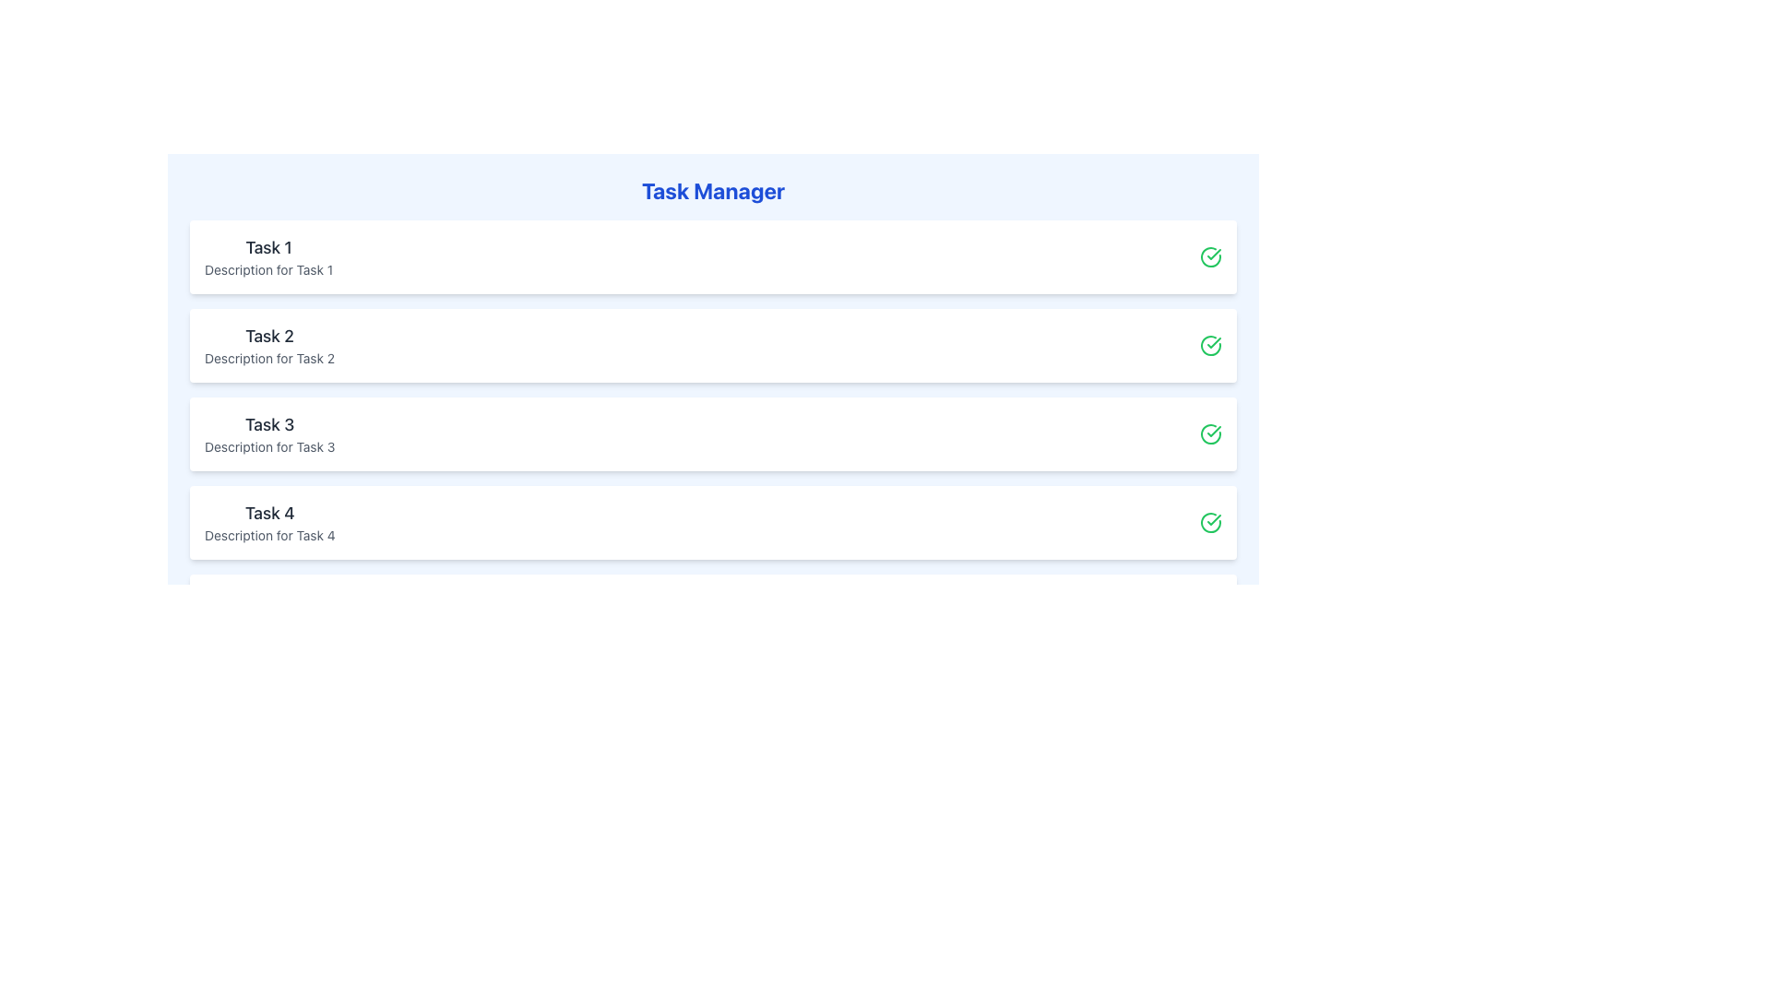 The height and width of the screenshot is (996, 1771). Describe the element at coordinates (1211, 256) in the screenshot. I see `the larger icon encompassing the visual indicator located at the center of the topmost task entry in the list layout` at that location.